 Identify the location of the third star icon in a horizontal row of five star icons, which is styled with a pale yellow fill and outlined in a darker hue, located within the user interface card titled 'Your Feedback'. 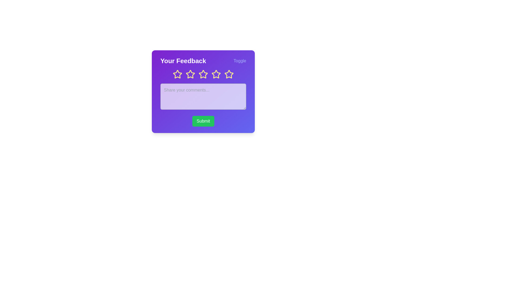
(216, 74).